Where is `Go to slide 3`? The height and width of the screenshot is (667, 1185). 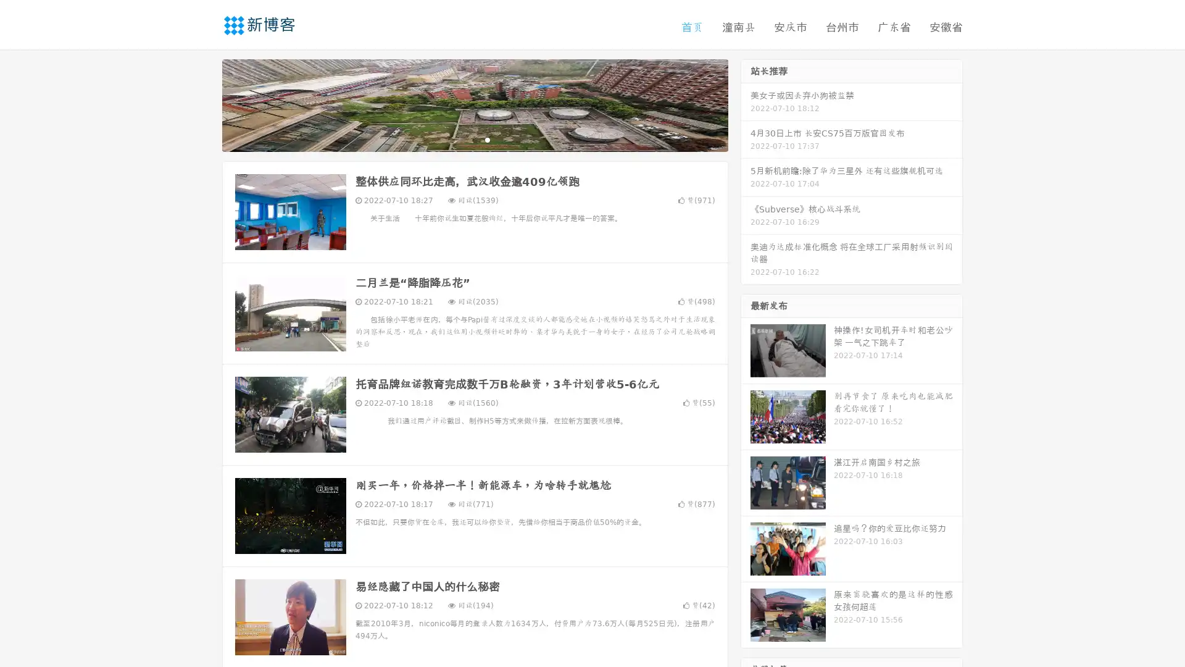
Go to slide 3 is located at coordinates (487, 139).